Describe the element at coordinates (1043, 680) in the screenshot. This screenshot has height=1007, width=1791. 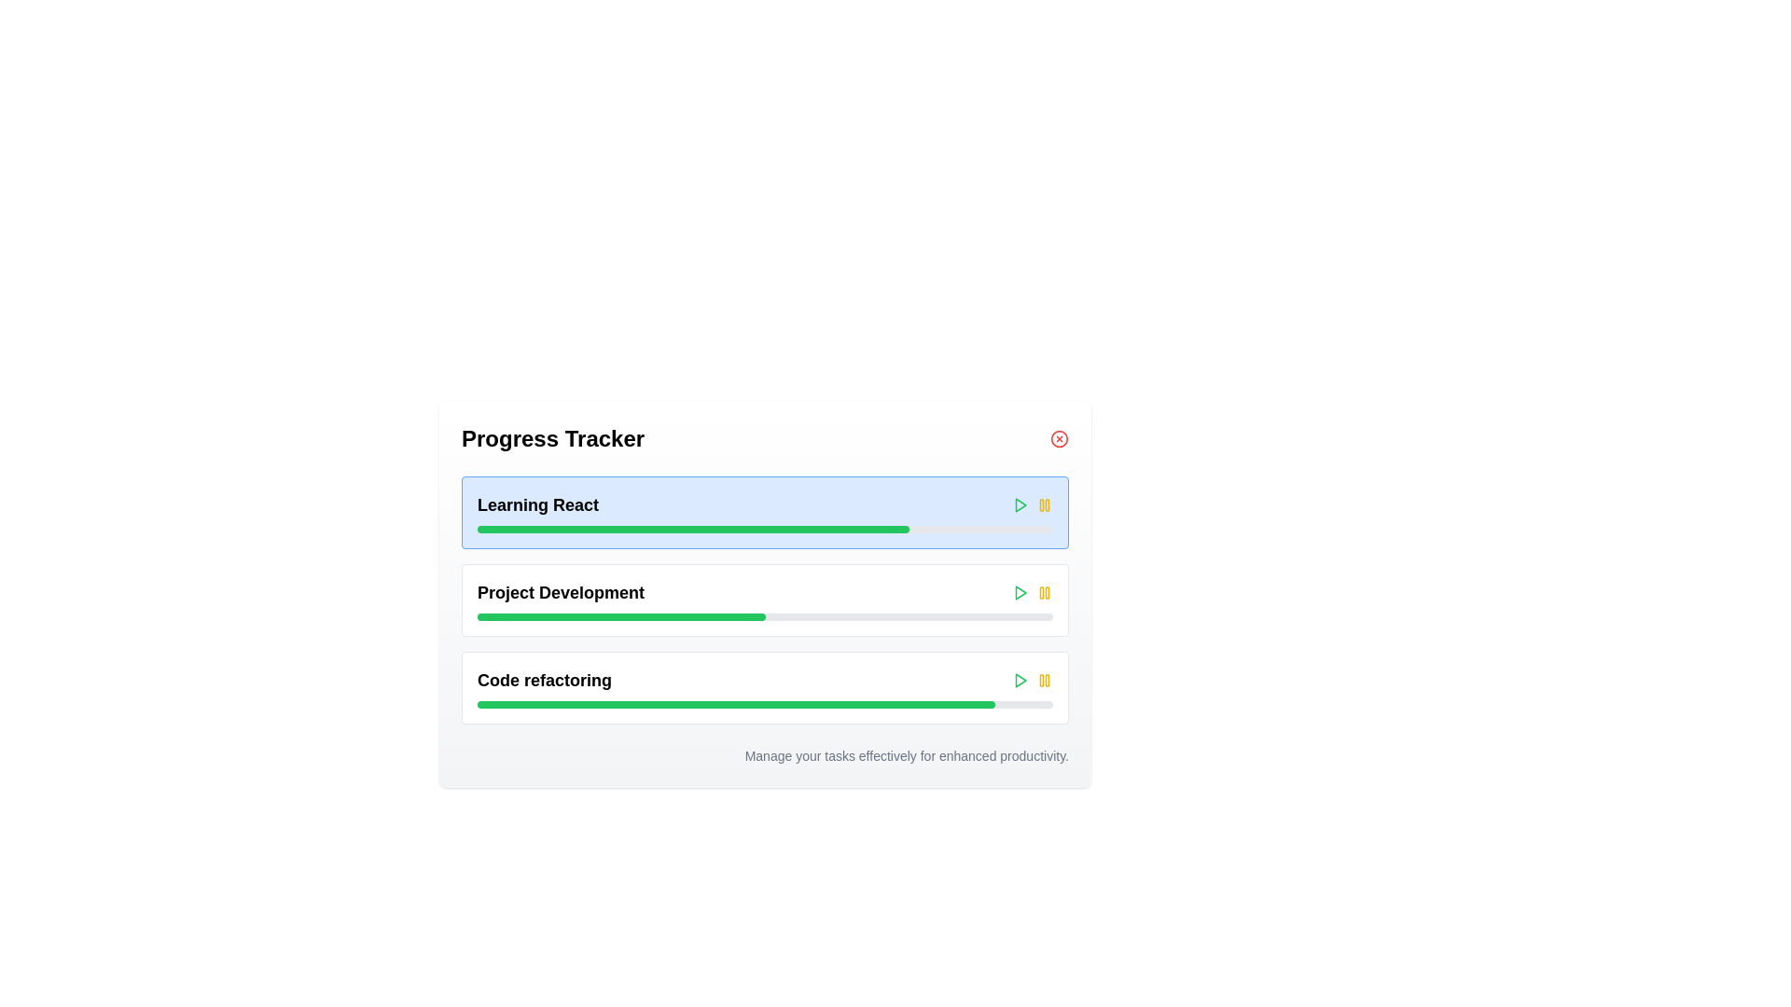
I see `the pause control button located to the far right of the 'Code refactoring' progress tracker` at that location.